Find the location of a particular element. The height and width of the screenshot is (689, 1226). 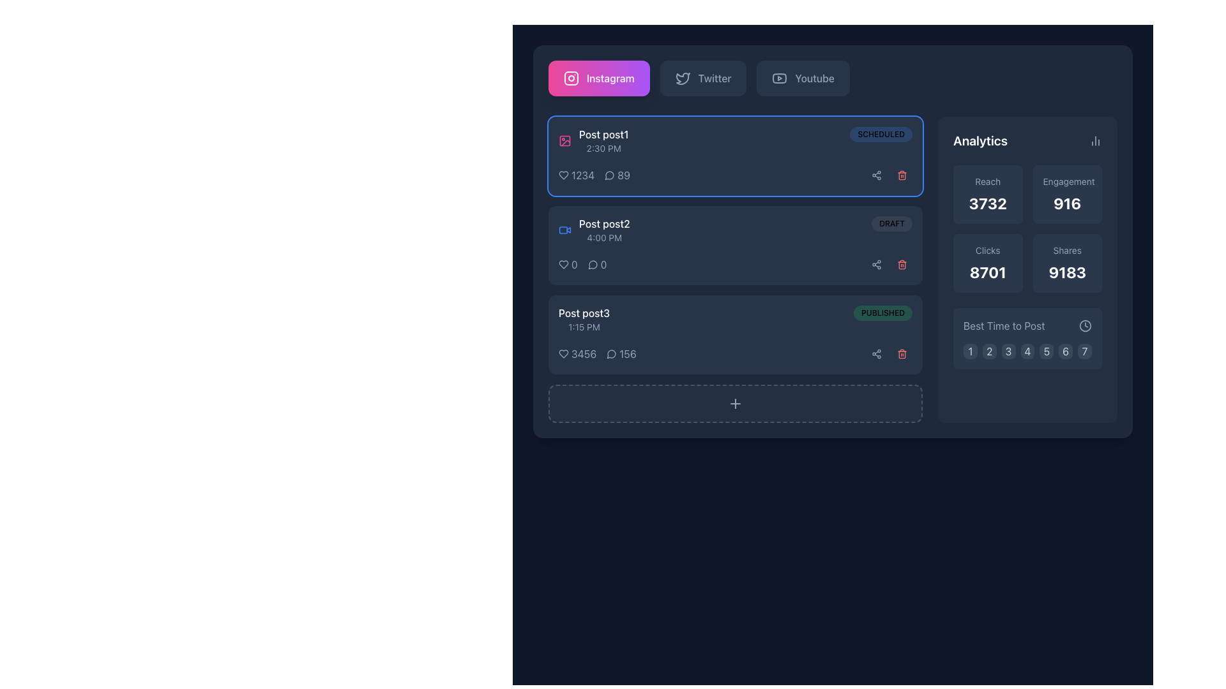

the small text label reading 'Reach' in light gray color, located in the 'Analytics' section on the right-hand side of the interface is located at coordinates (987, 182).